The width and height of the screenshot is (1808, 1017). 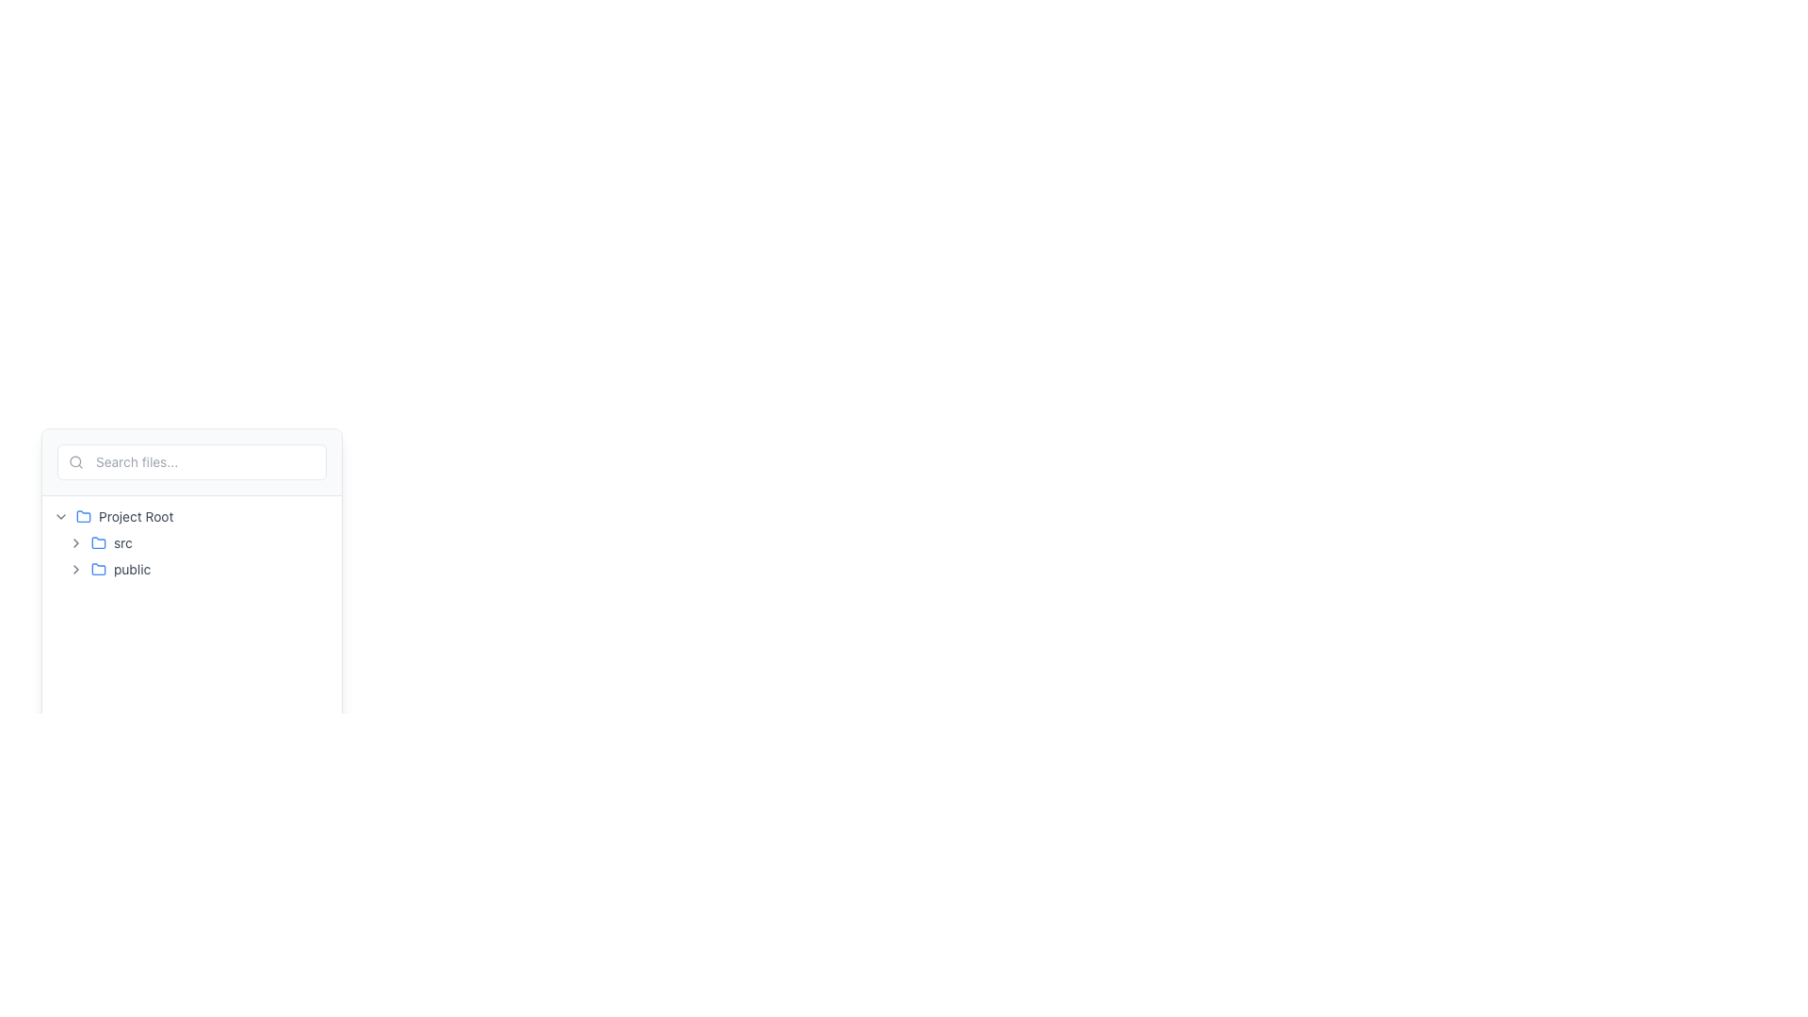 I want to click on the blue folder icon located beside the text 'public' in the file navigation sidebar under 'Project Root', so click(x=98, y=568).